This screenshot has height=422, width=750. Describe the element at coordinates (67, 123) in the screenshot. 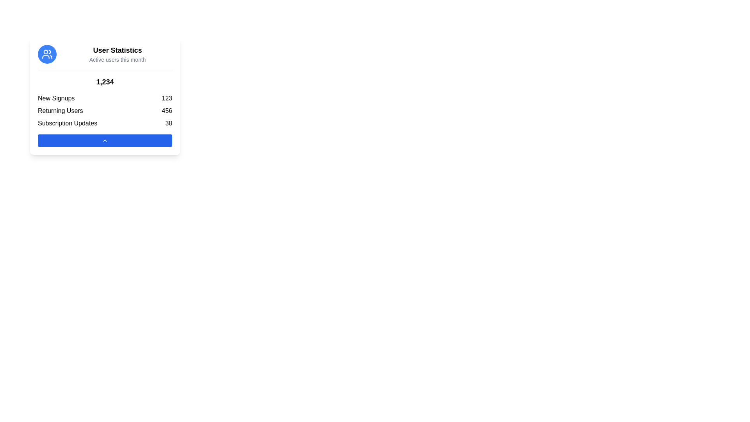

I see `the 'Subscription Updates' text label located on the left side of the statistics row in the 'User Statistics' card` at that location.